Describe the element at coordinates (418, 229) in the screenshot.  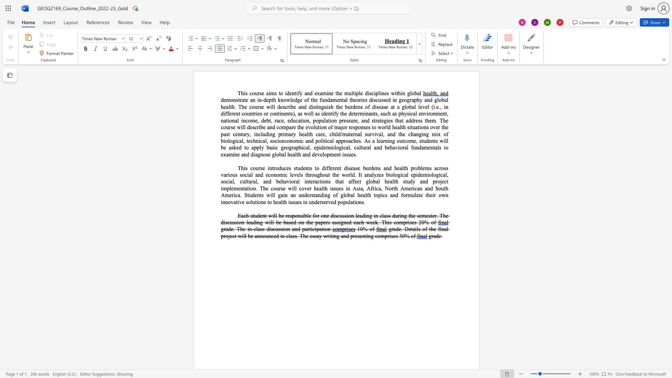
I see `the space between the continuous character "l" and "s" in the text` at that location.